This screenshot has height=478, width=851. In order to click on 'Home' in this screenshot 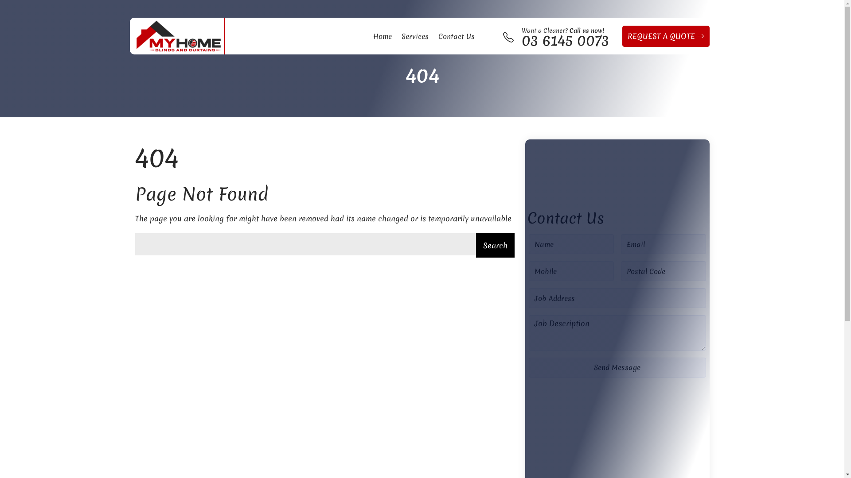, I will do `click(383, 35)`.